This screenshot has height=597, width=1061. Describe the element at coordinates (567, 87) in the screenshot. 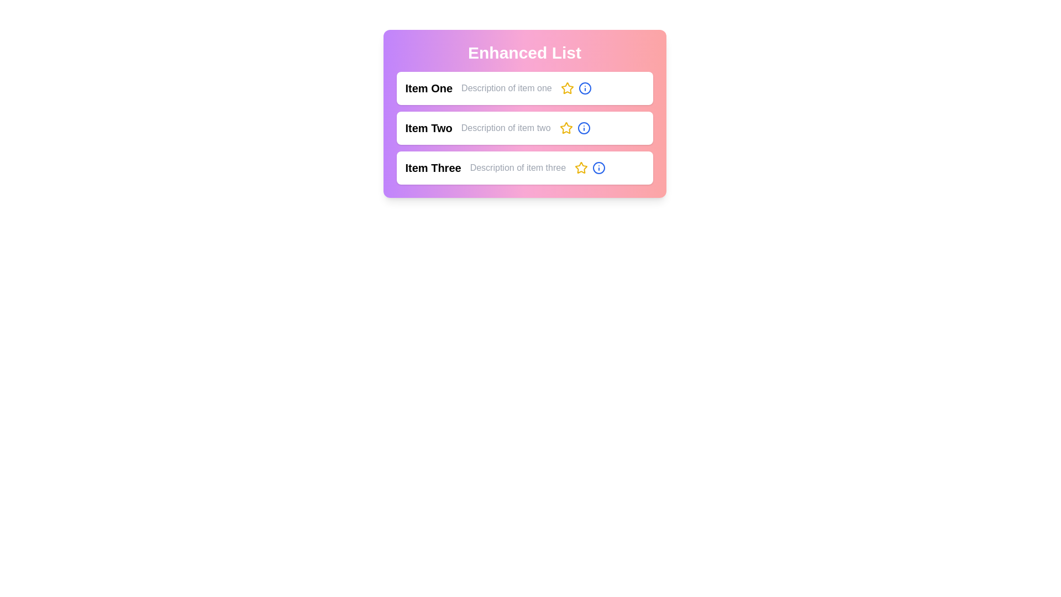

I see `the star icon next to Item One` at that location.